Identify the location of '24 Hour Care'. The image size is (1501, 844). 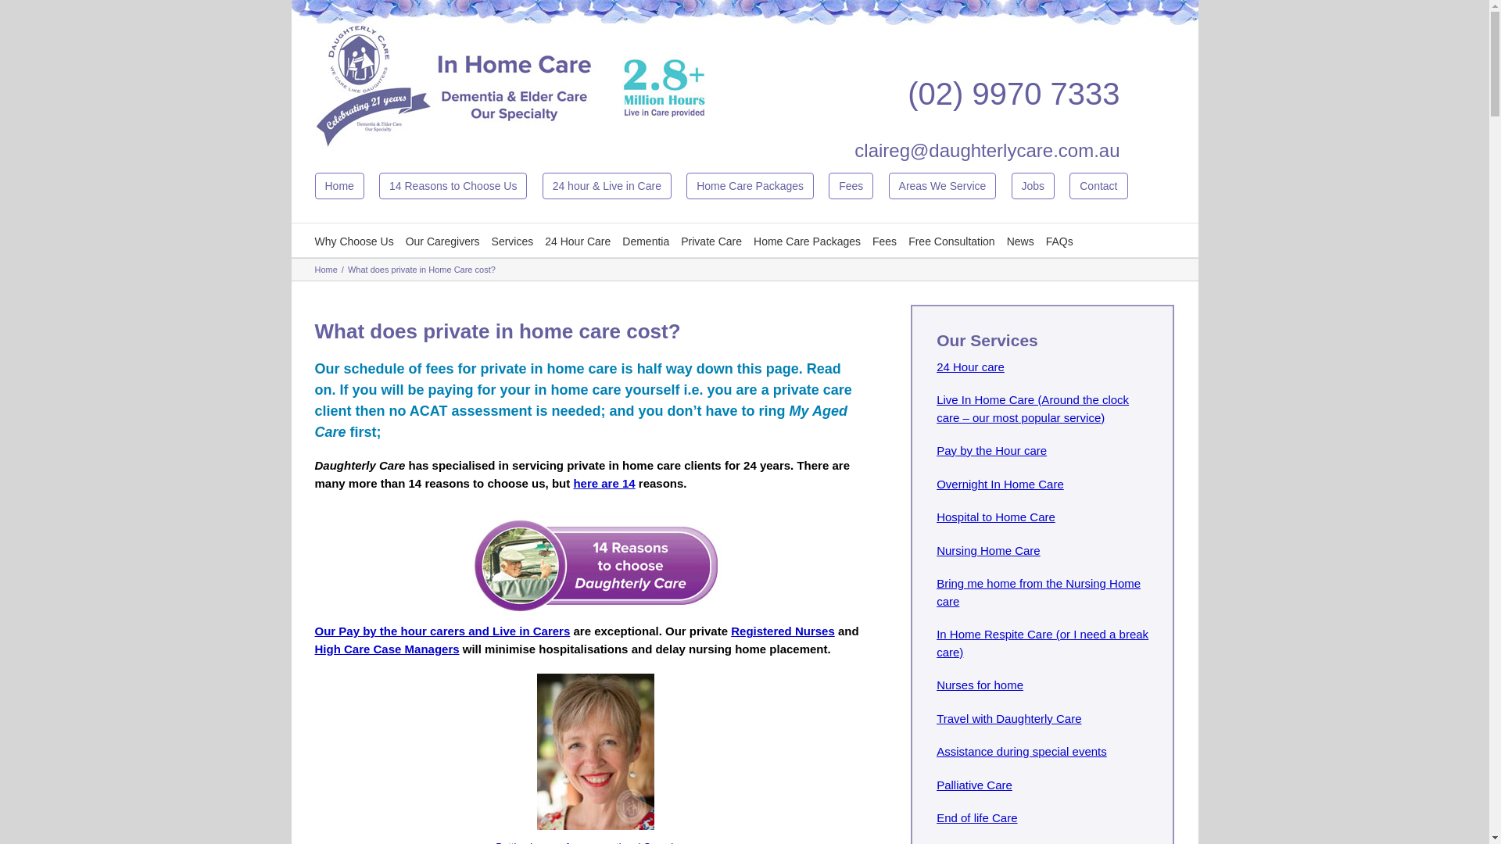
(577, 240).